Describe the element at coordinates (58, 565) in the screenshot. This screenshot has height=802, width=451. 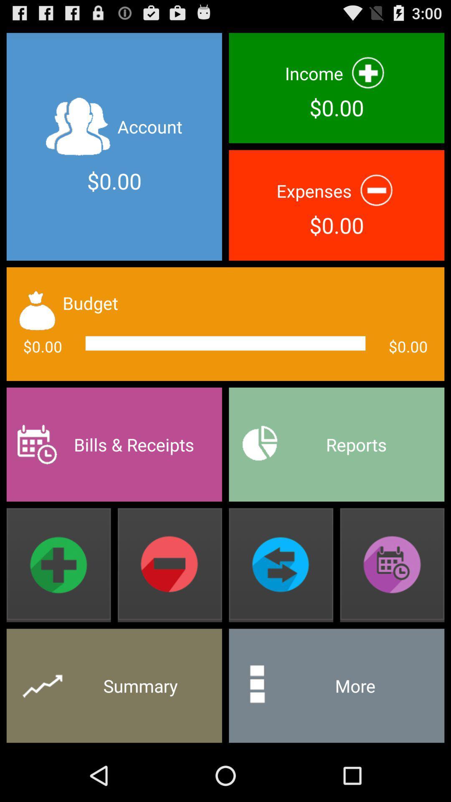
I see `the icon above the summary` at that location.